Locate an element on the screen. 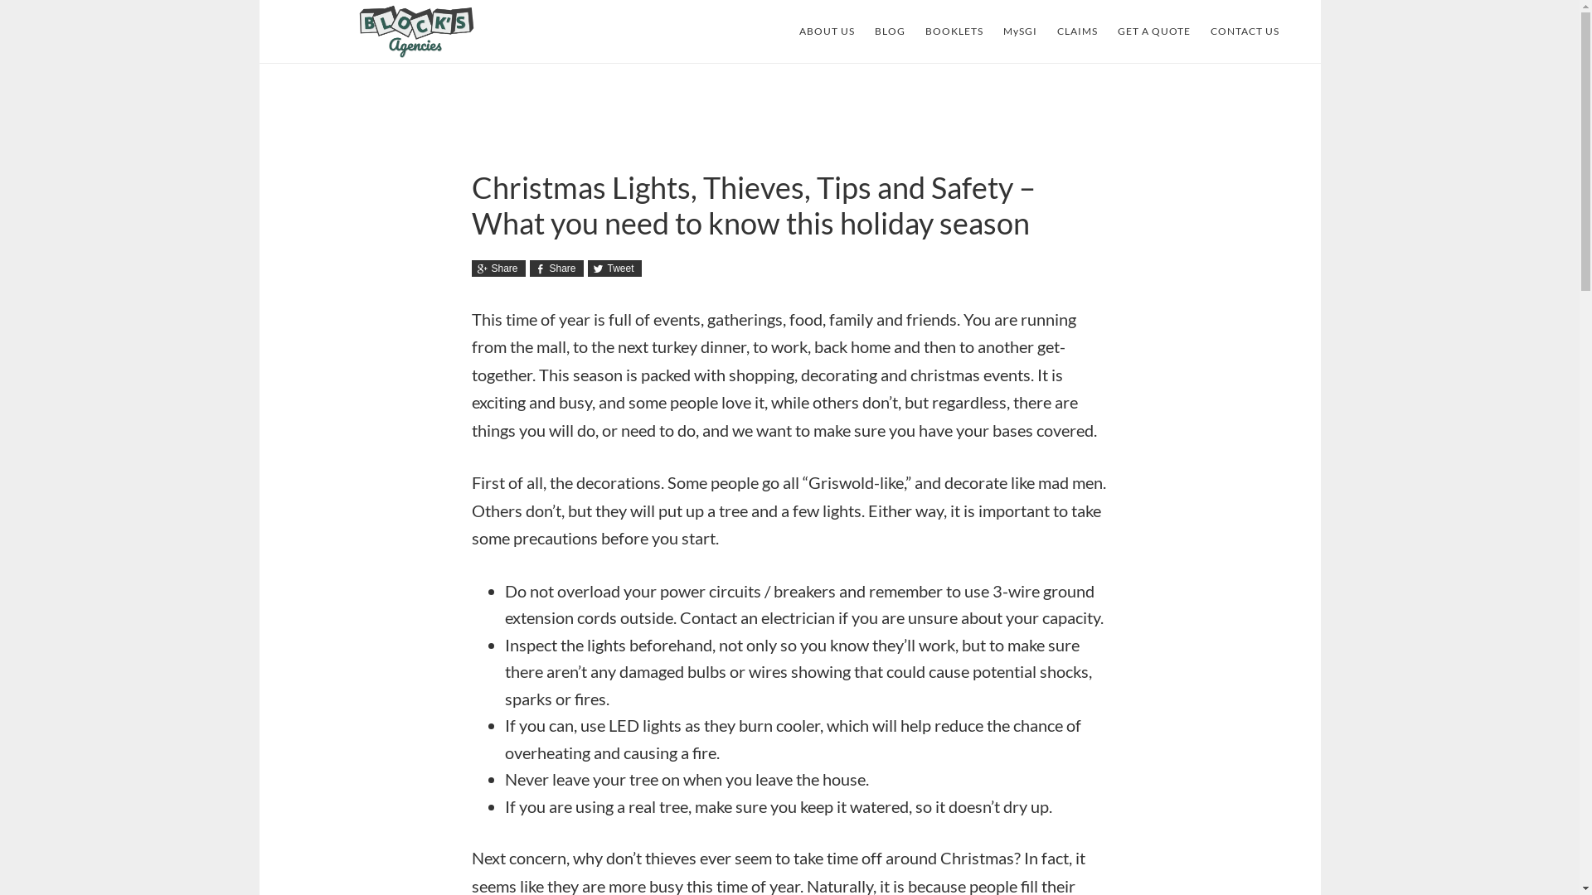  'CONTACT US' is located at coordinates (1245, 31).